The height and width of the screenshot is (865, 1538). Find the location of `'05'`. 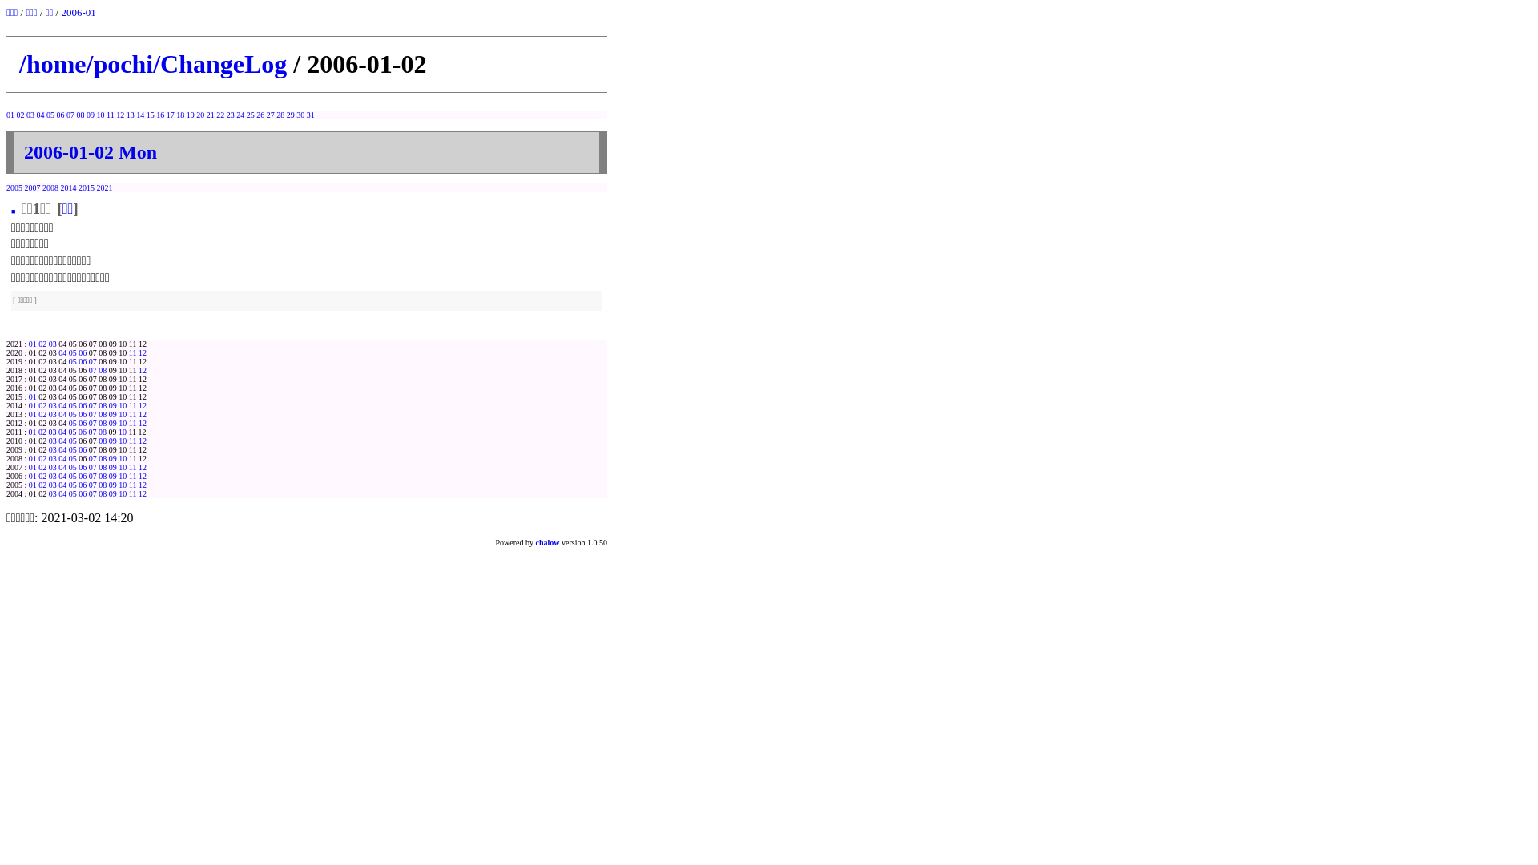

'05' is located at coordinates (68, 475).